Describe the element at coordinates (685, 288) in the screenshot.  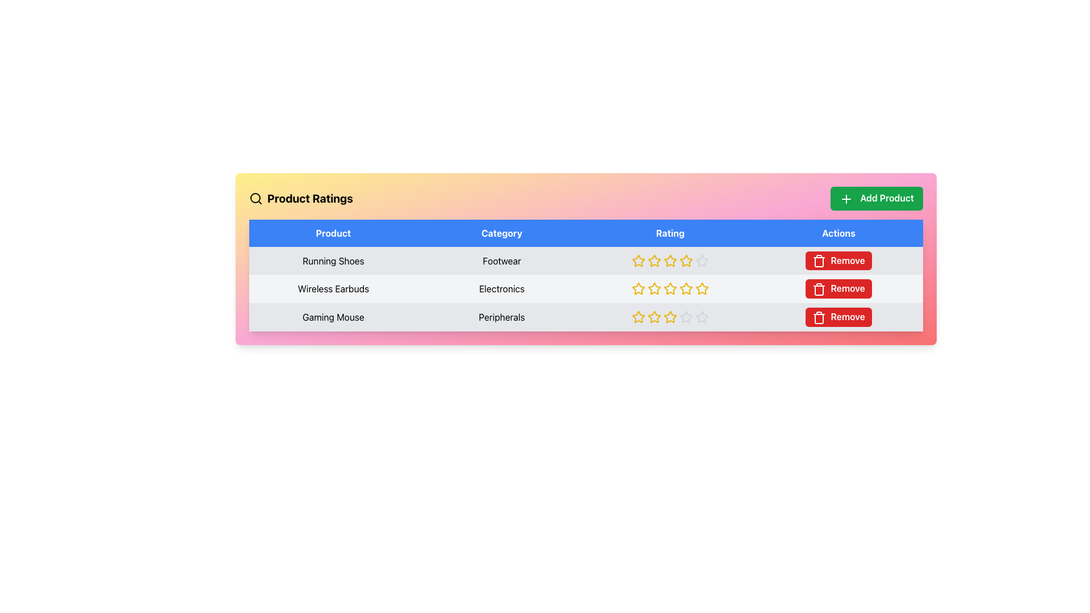
I see `the fifth star icon in the 'Rating' column for 'Wireless Earbuds', which is a hollow star with a yellow border` at that location.